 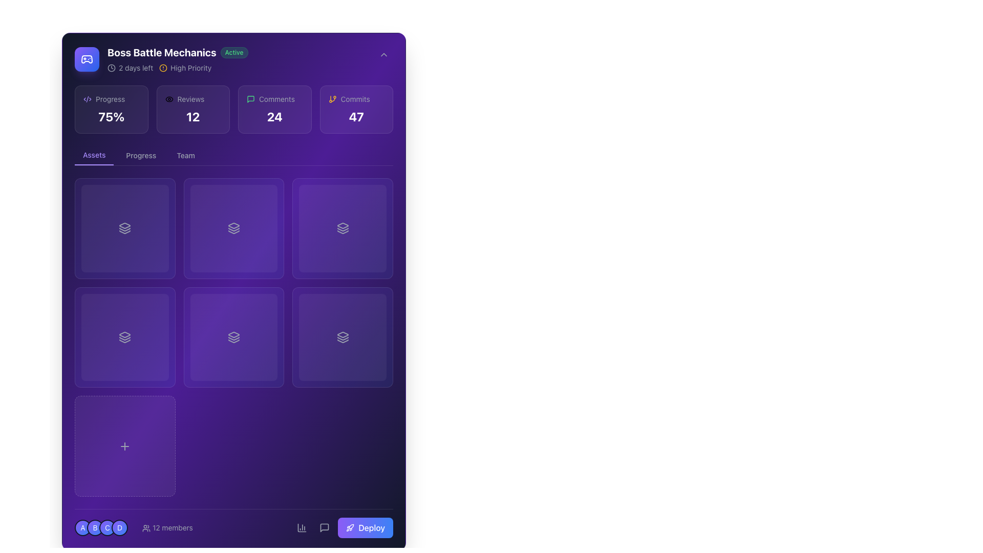 What do you see at coordinates (124, 341) in the screenshot?
I see `the layered icon located in the second row, first column of the 3x3 grid layout, which visually resembles a stack of layers` at bounding box center [124, 341].